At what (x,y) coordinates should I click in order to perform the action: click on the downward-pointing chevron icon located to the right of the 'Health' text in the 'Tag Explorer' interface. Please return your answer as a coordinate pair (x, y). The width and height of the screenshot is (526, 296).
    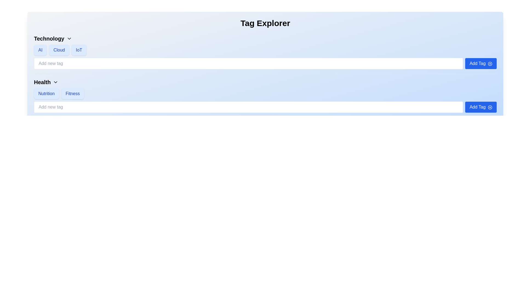
    Looking at the image, I should click on (56, 82).